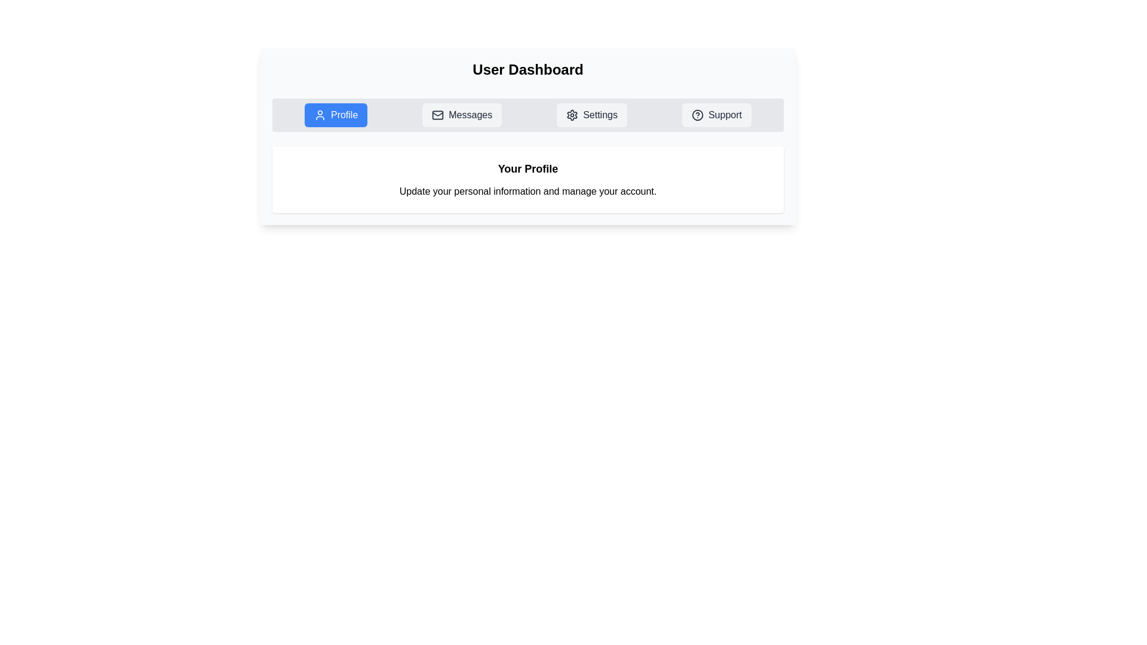  Describe the element at coordinates (572, 115) in the screenshot. I see `the gear icon in the horizontal navigation bar, which is located third from the left` at that location.